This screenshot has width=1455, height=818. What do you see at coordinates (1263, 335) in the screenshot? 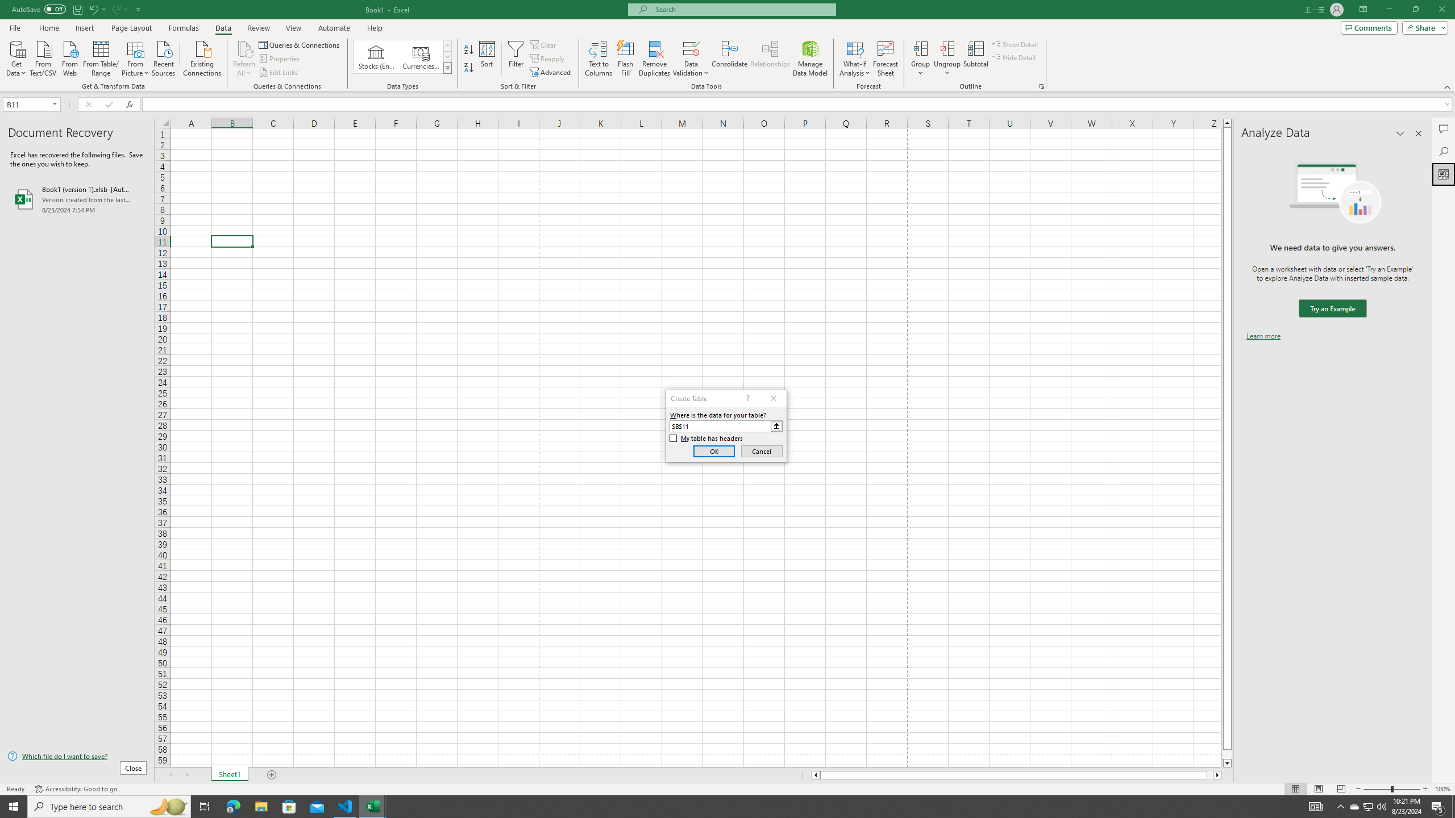
I see `'Learn more'` at bounding box center [1263, 335].